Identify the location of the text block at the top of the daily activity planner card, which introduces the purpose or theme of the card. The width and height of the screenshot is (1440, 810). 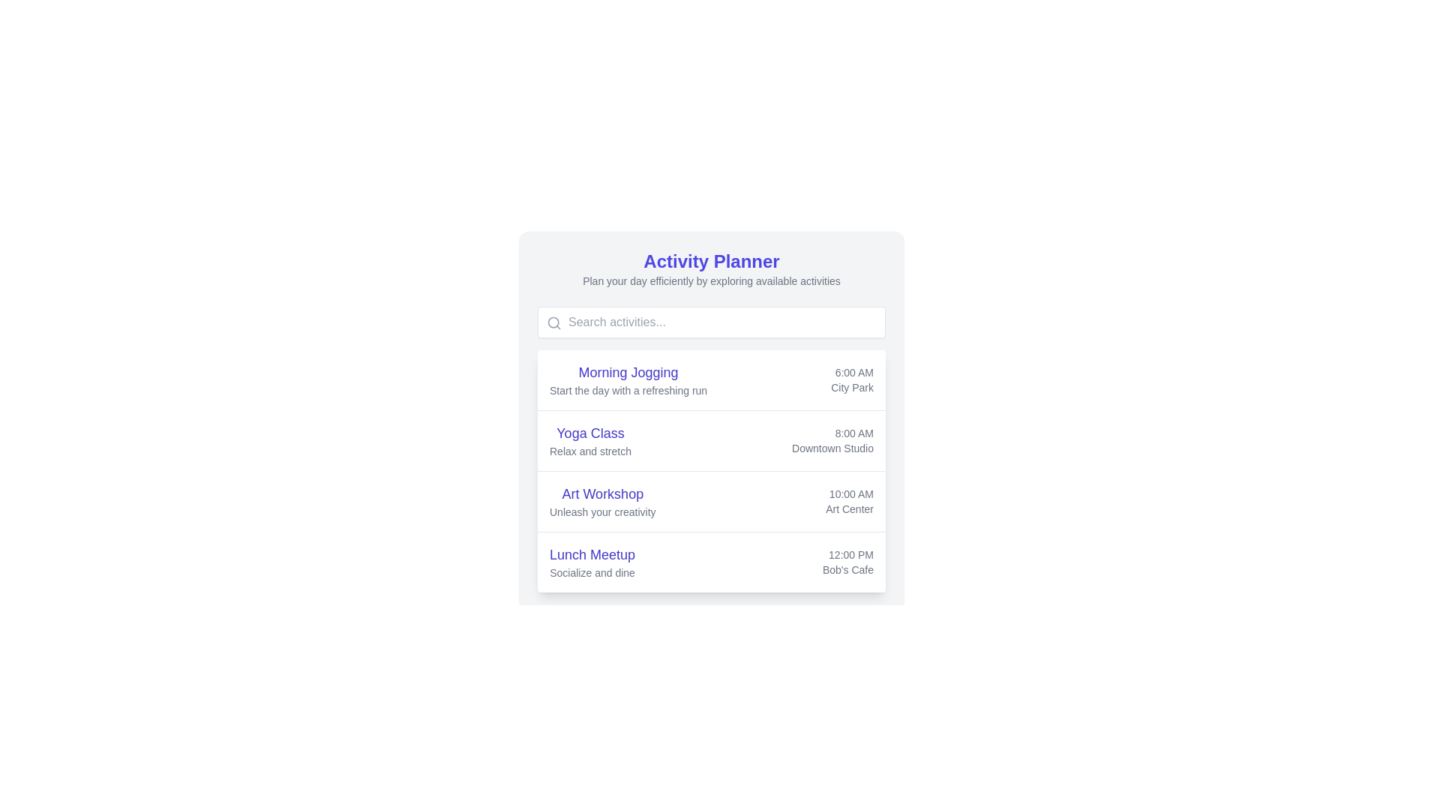
(711, 268).